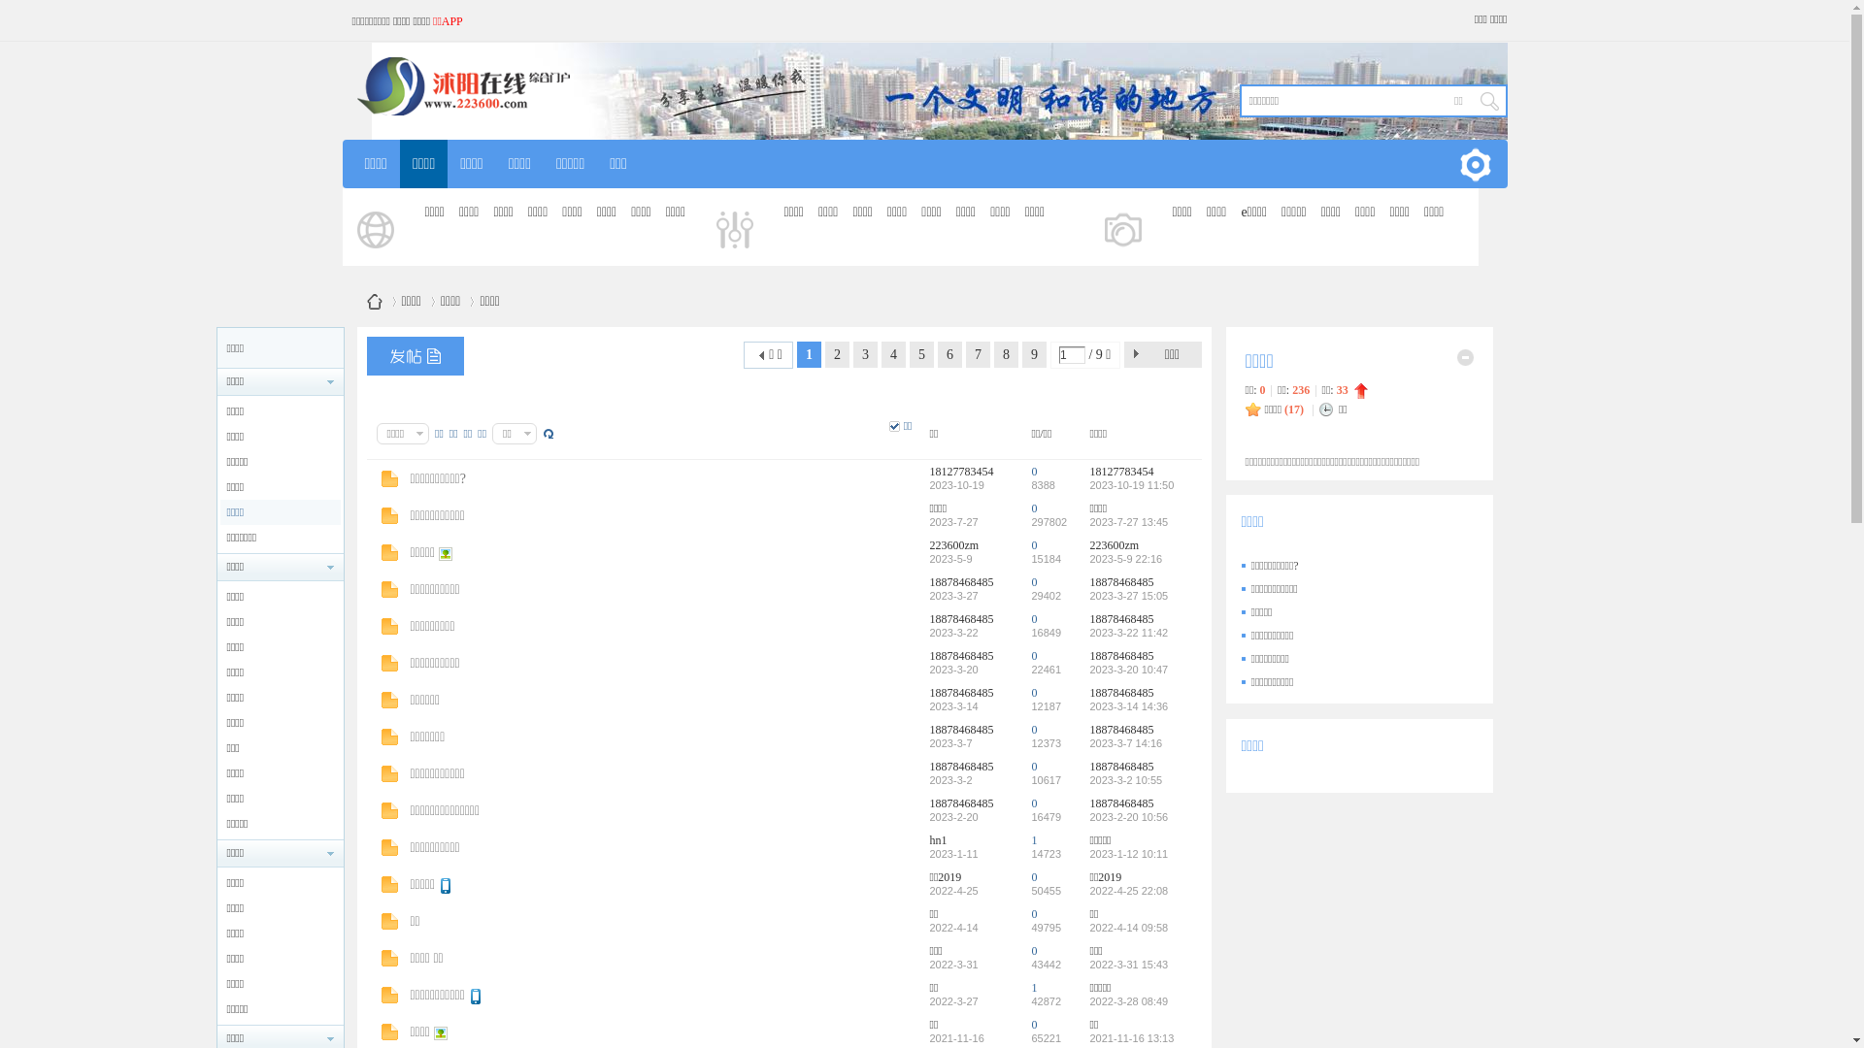 The height and width of the screenshot is (1048, 1864). I want to click on '0', so click(1033, 472).